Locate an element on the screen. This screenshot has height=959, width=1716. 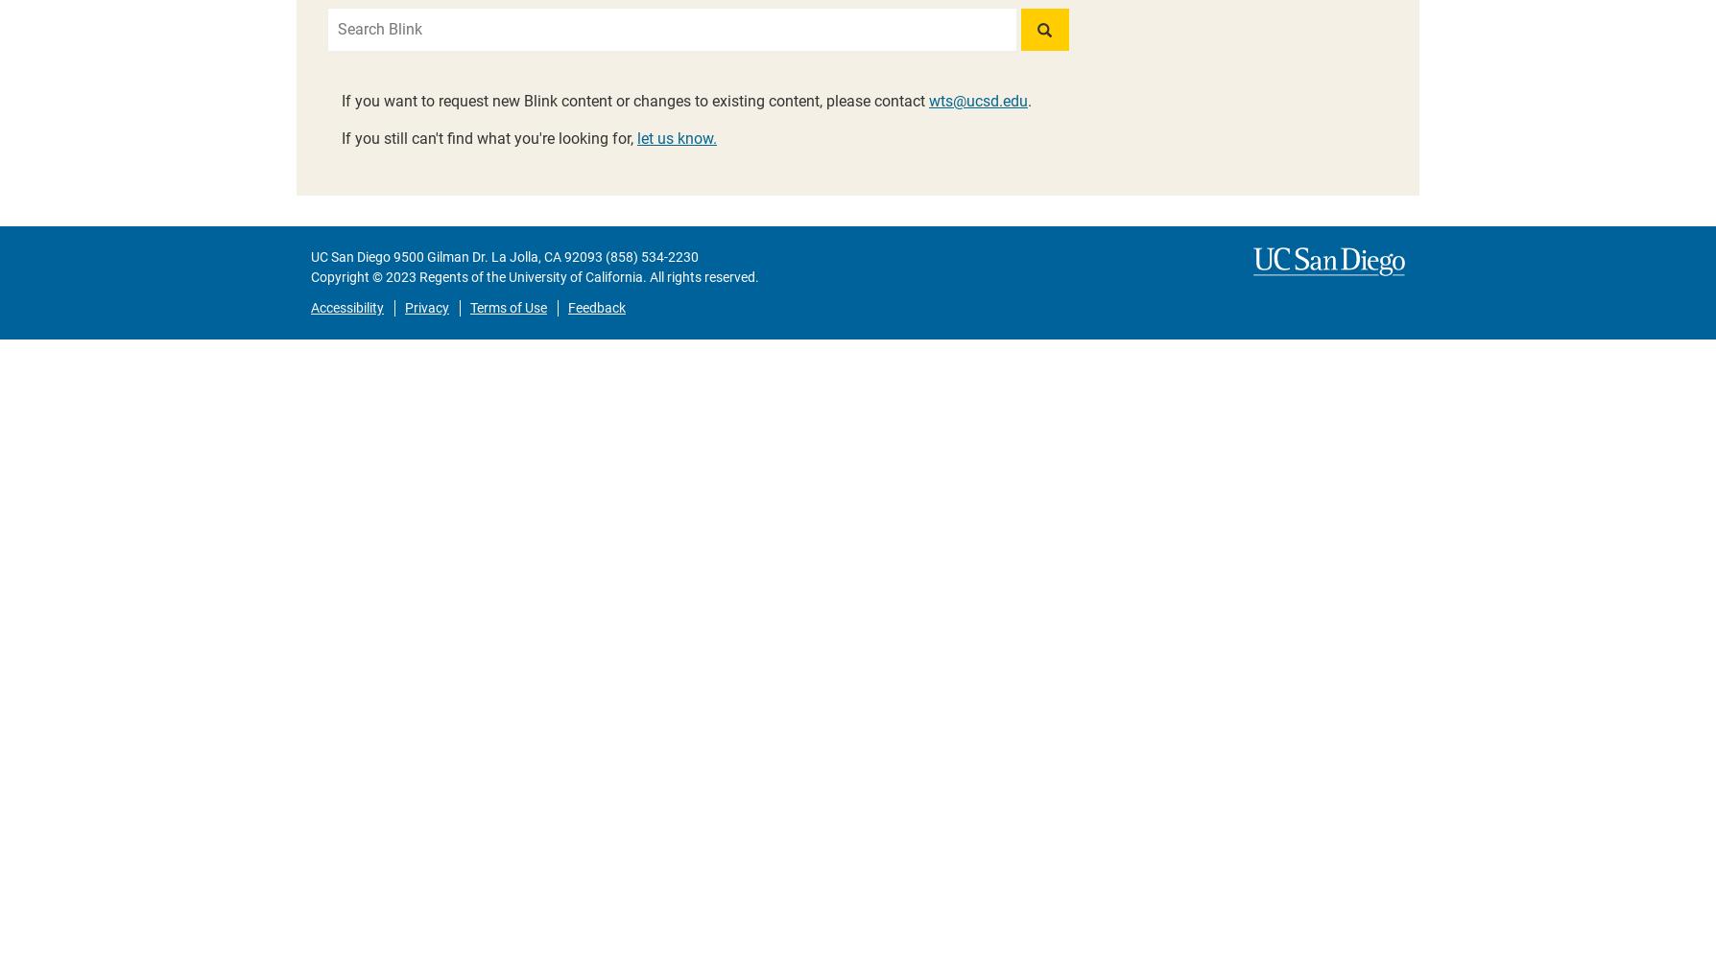
'Feedback' is located at coordinates (595, 307).